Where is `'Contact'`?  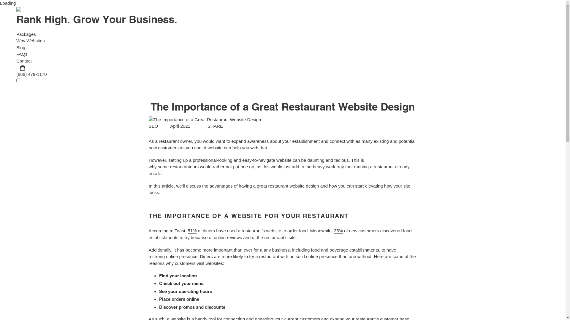 'Contact' is located at coordinates (24, 60).